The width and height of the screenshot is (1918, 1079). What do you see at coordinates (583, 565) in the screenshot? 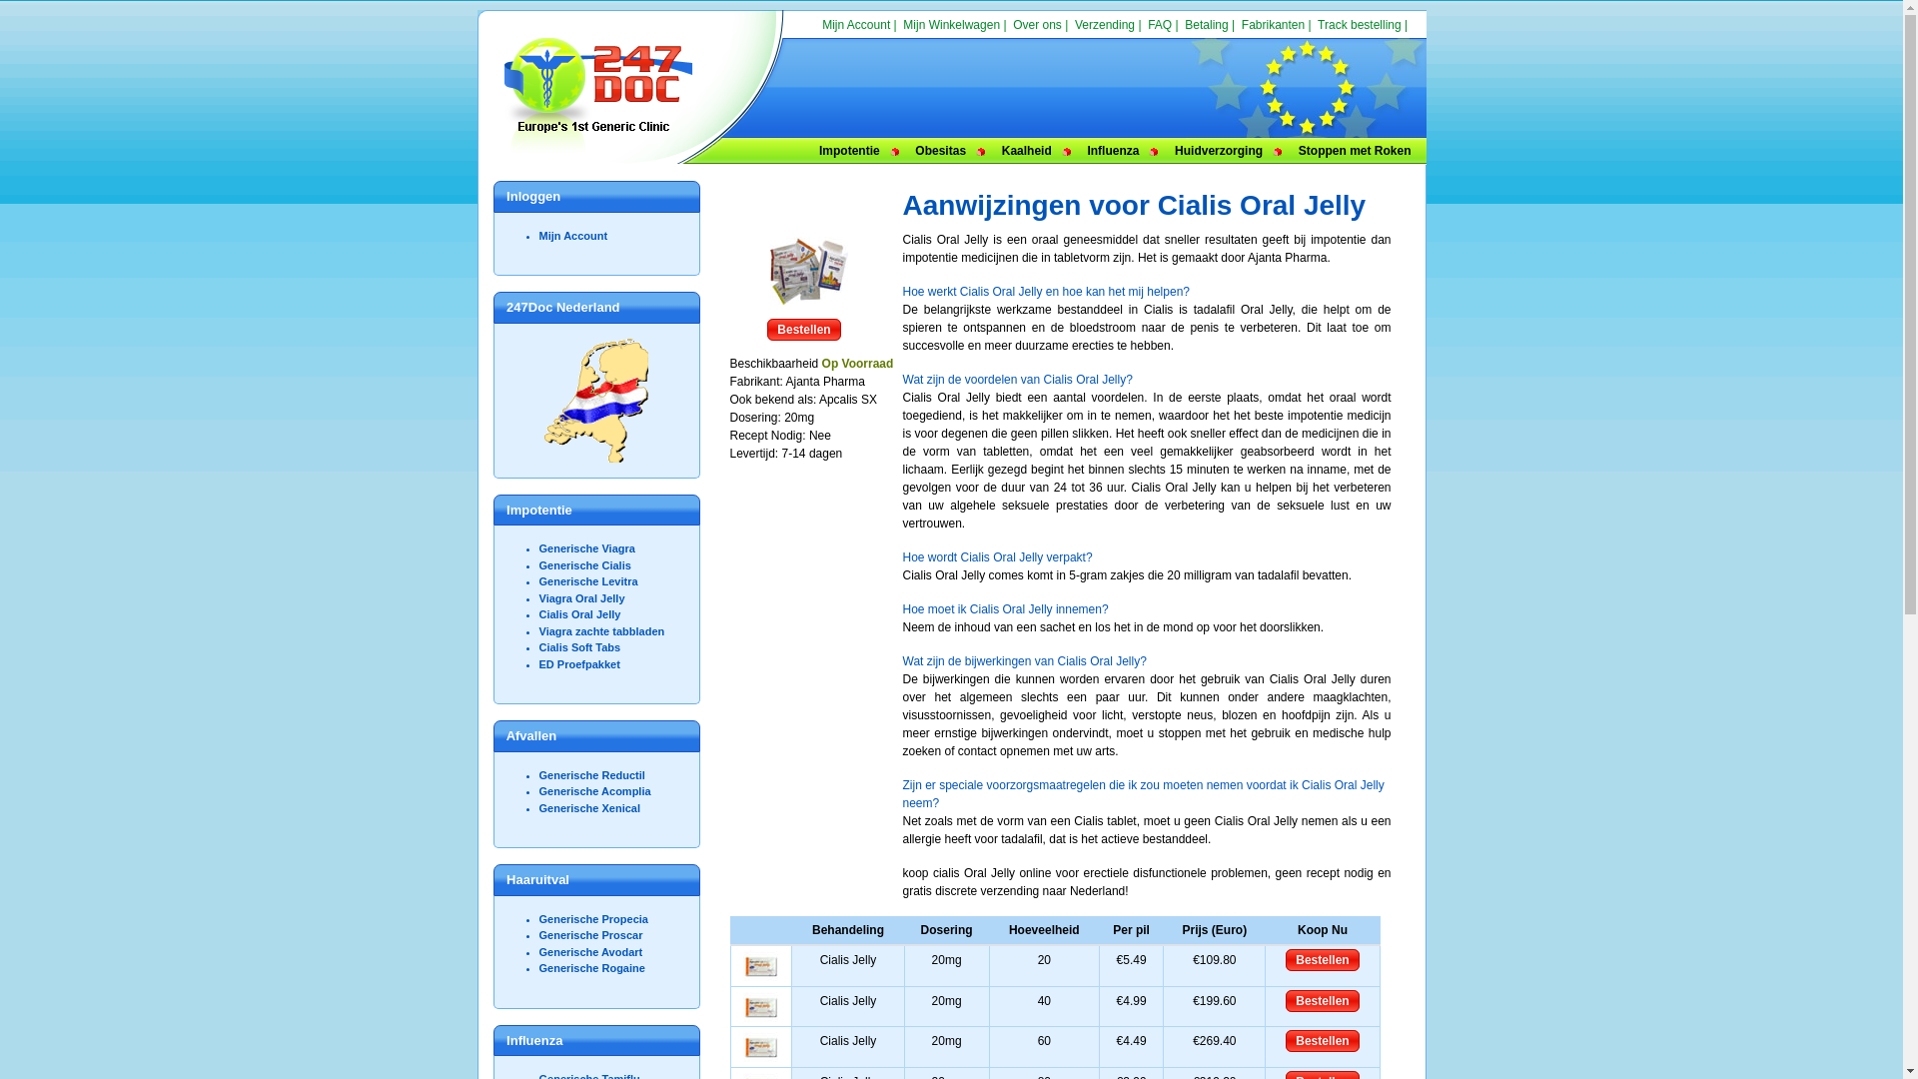
I see `'Generische Cialis'` at bounding box center [583, 565].